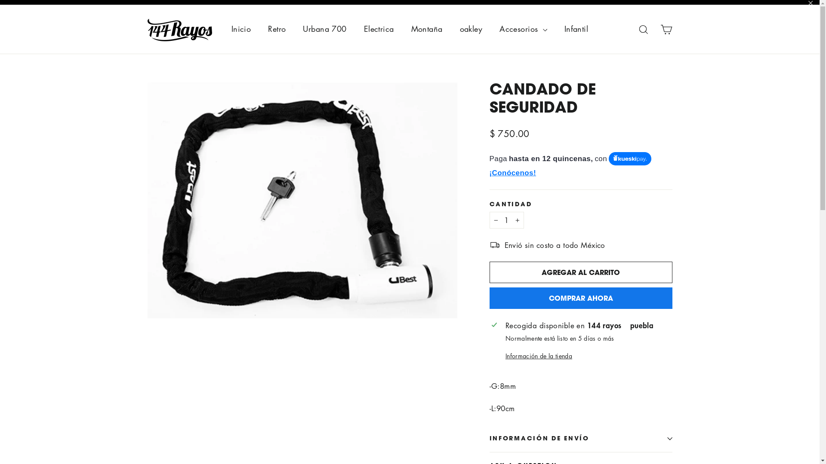 This screenshot has width=826, height=464. Describe the element at coordinates (581, 272) in the screenshot. I see `'AGREGAR AL CARRITO'` at that location.